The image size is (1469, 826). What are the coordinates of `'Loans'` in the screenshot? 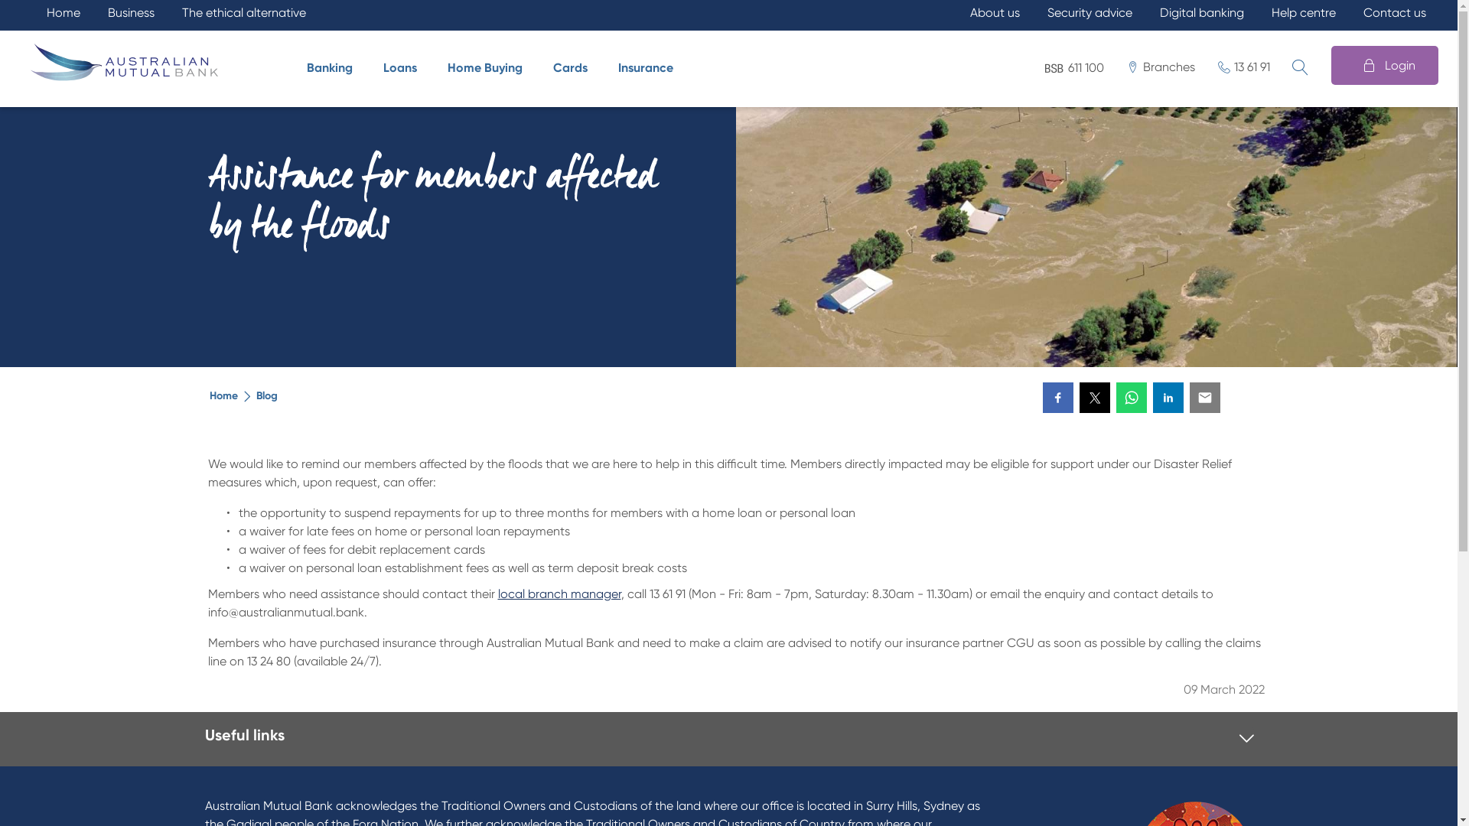 It's located at (404, 67).